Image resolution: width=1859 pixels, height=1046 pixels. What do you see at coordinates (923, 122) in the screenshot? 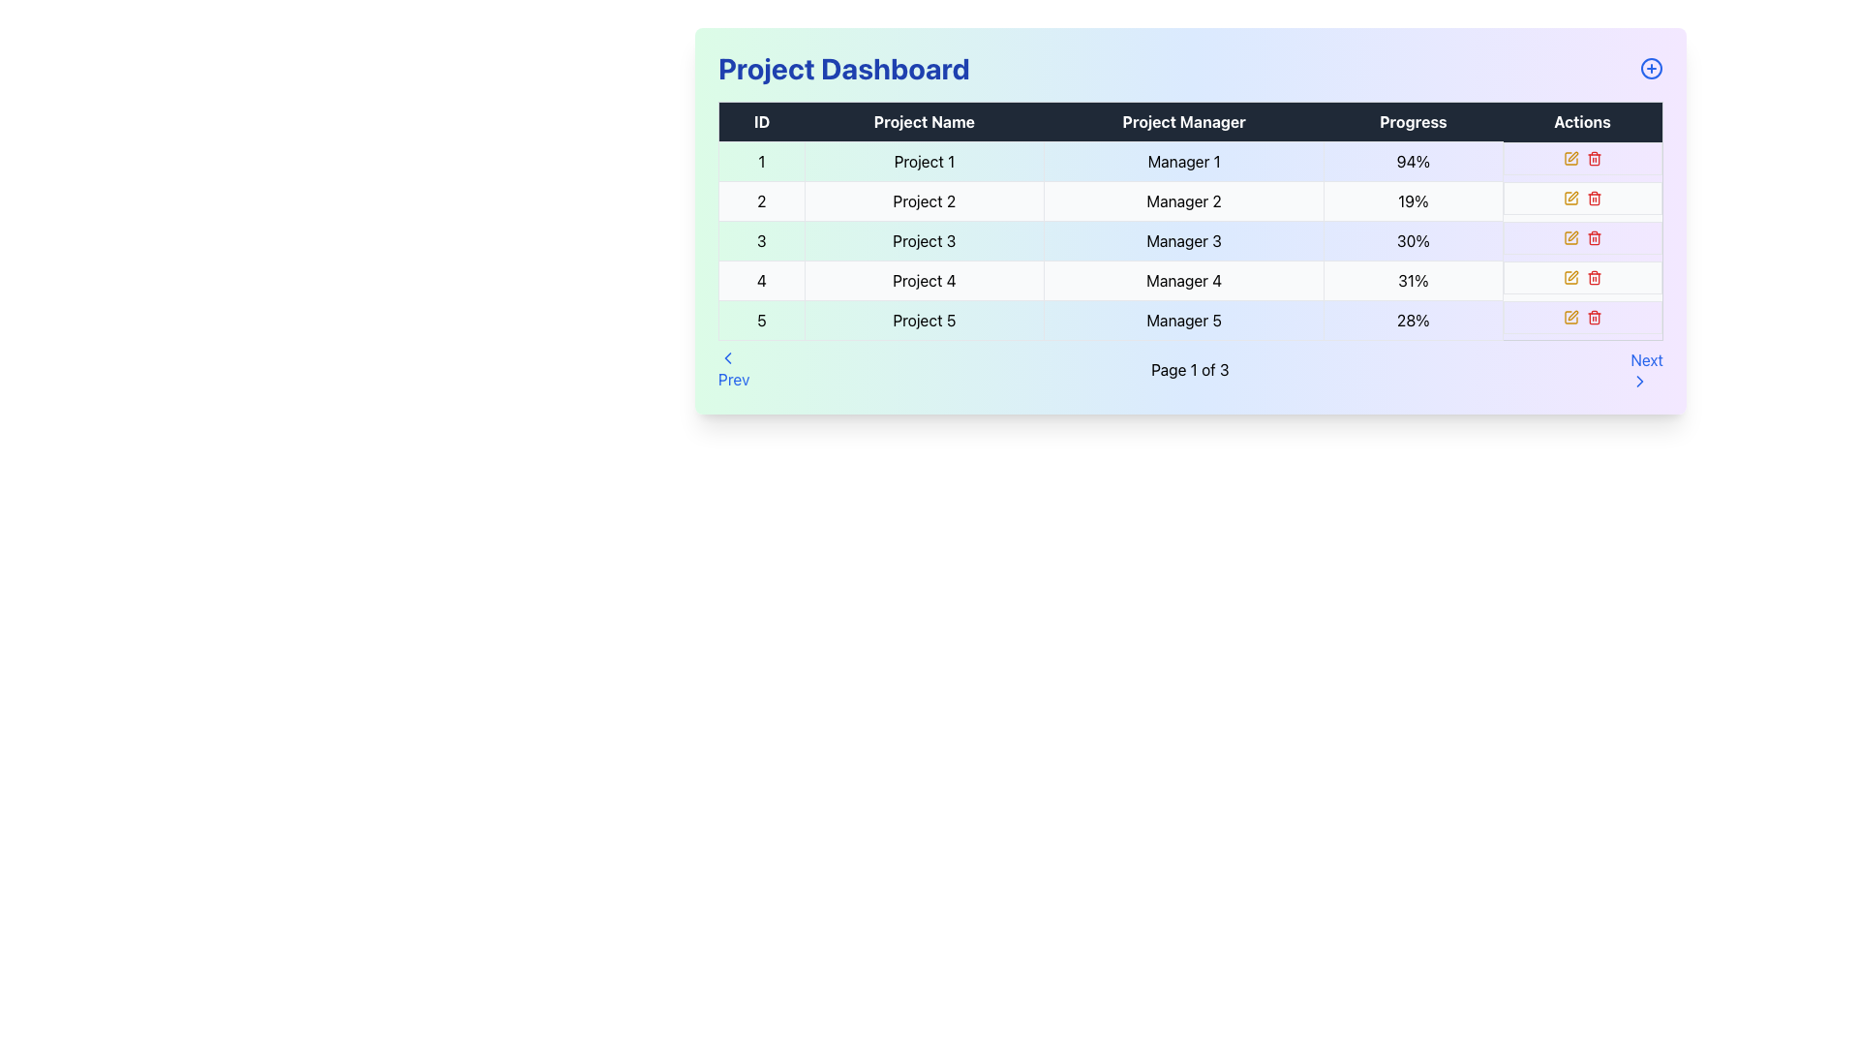
I see `the 'Project Name' header text in the Project Dashboard table, which is the second header column between 'ID' and 'Project Manager'` at bounding box center [923, 122].